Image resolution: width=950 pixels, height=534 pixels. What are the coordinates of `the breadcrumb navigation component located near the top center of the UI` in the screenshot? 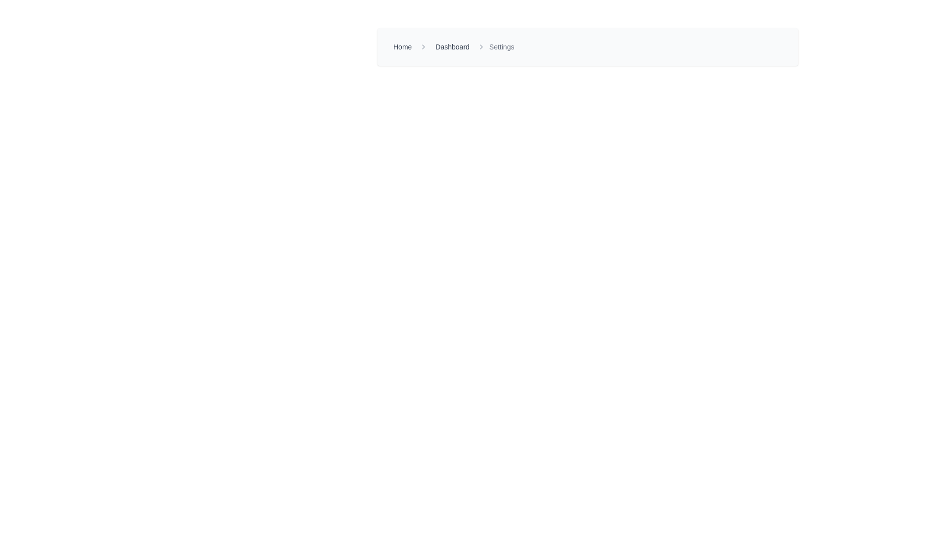 It's located at (588, 47).